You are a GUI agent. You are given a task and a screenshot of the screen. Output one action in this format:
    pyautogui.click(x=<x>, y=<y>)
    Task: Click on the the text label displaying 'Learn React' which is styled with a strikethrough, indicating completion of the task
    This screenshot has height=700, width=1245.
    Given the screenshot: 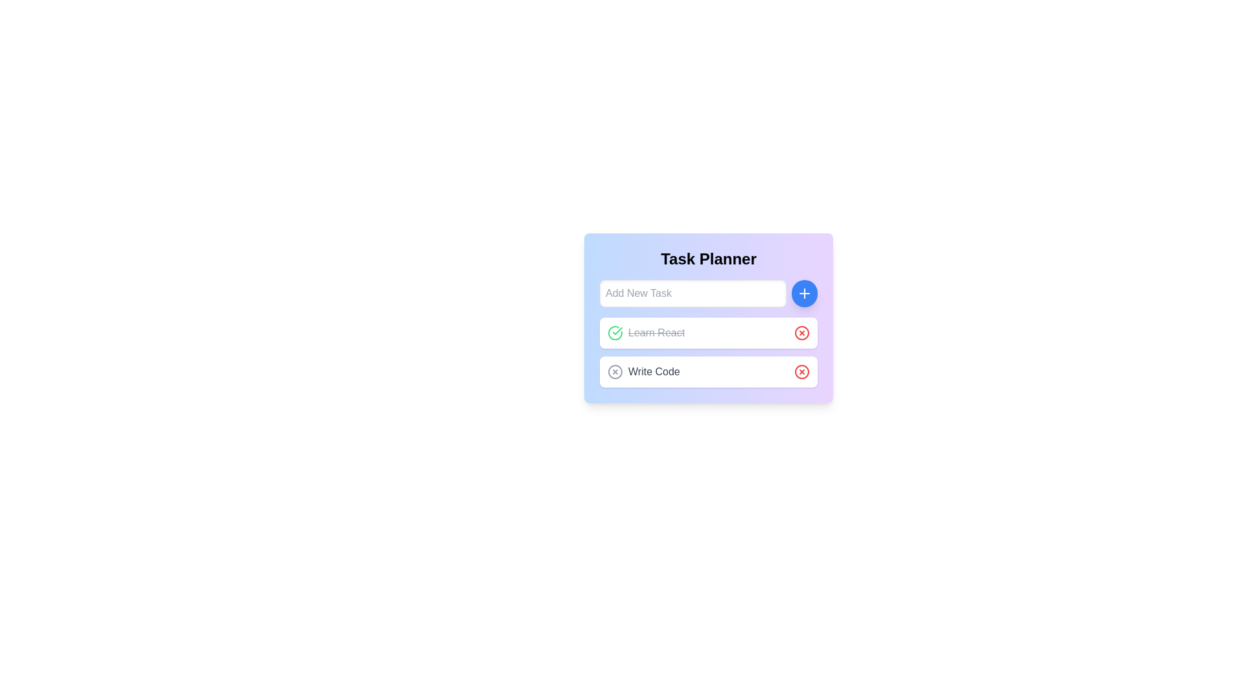 What is the action you would take?
    pyautogui.click(x=656, y=332)
    